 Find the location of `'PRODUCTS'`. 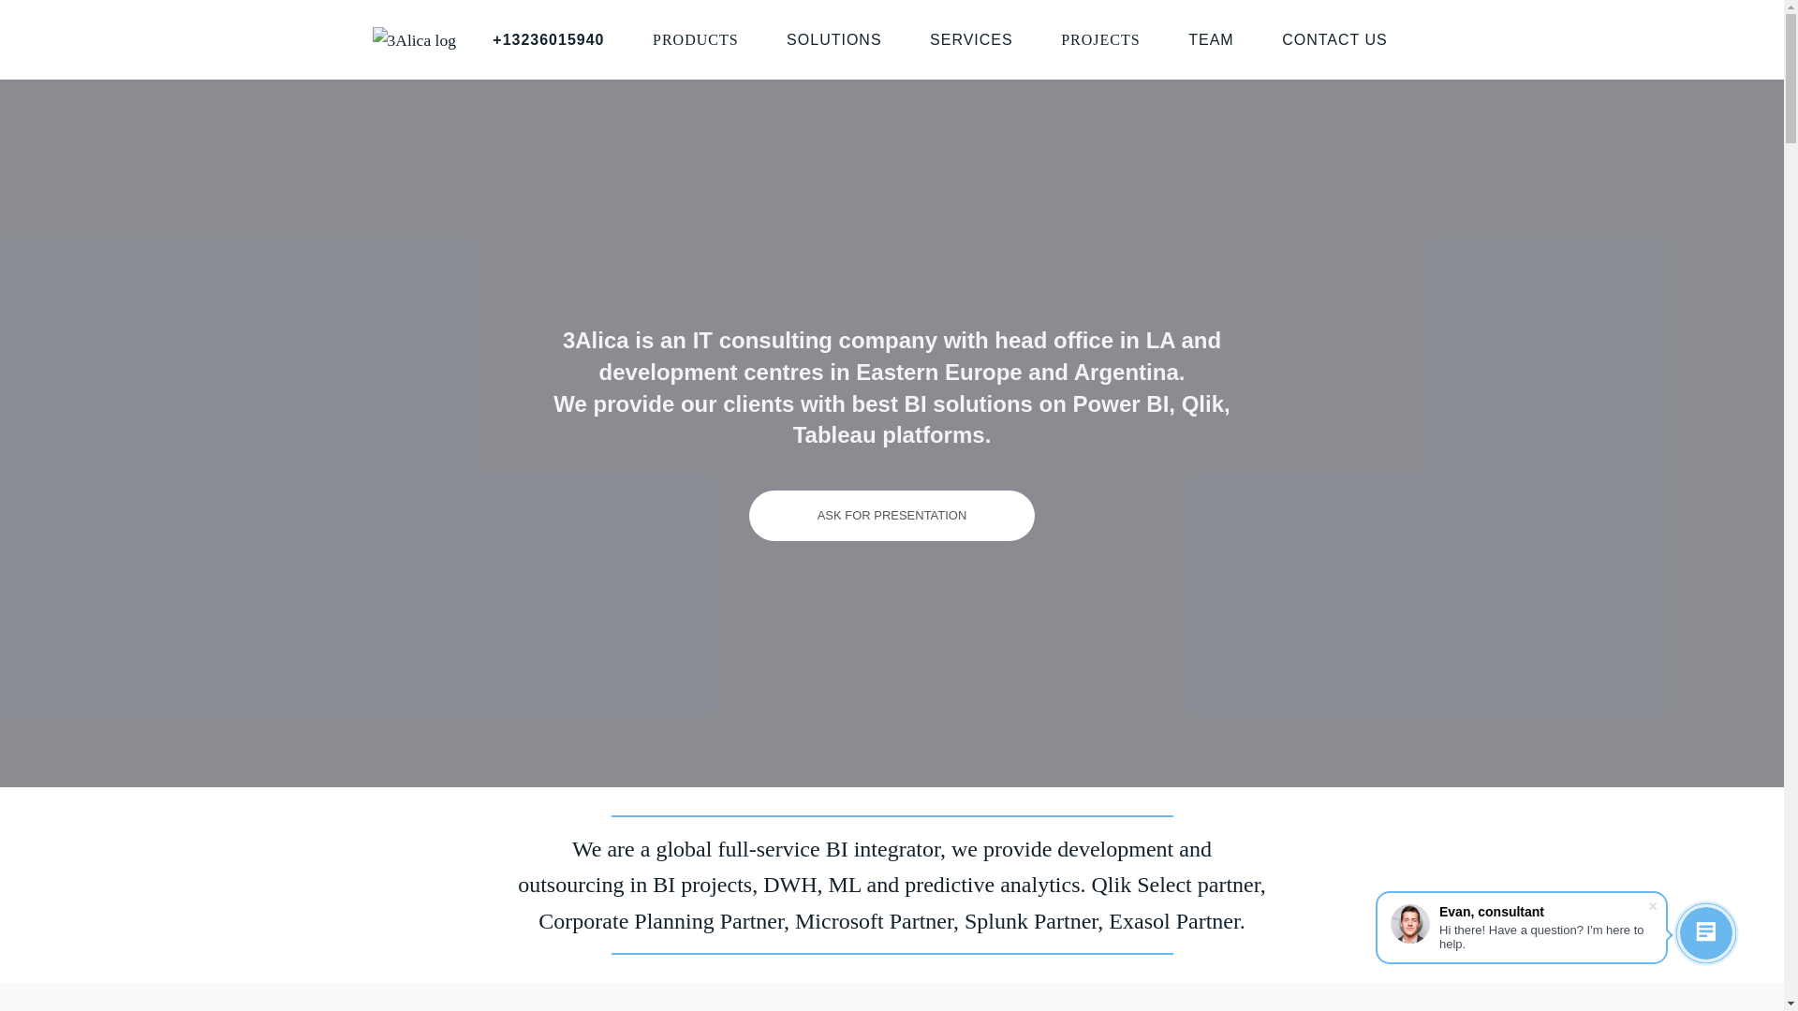

'PRODUCTS' is located at coordinates (695, 39).